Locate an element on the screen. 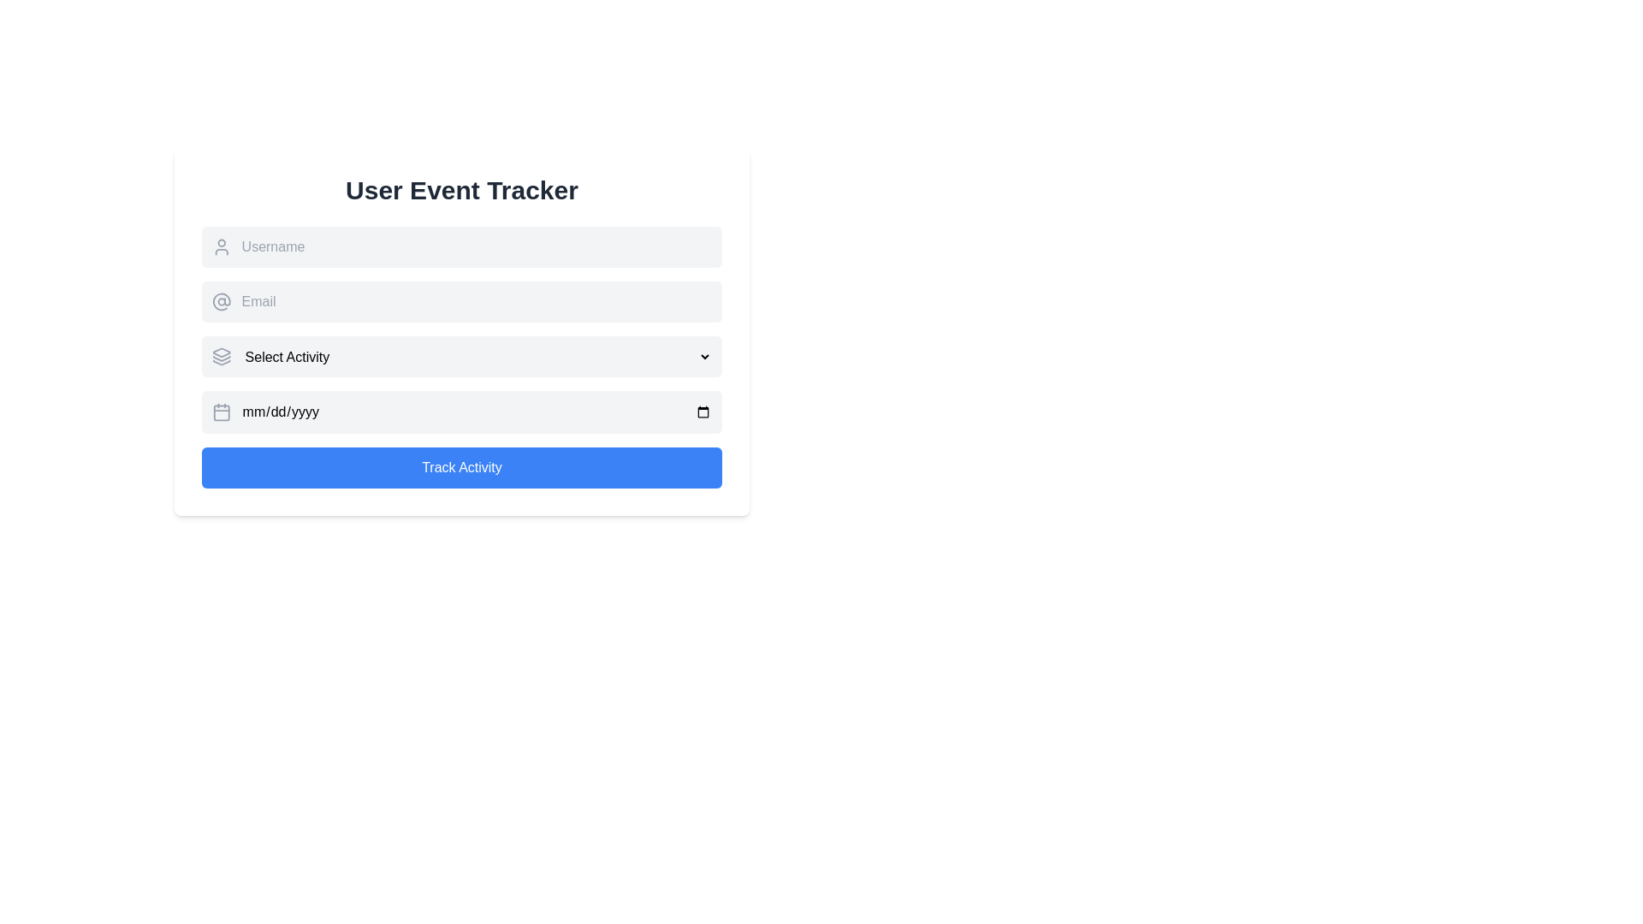  the bottom-most element of the stack represented by a thin line-based graphic resembling overlapping rectangular layers is located at coordinates (221, 362).